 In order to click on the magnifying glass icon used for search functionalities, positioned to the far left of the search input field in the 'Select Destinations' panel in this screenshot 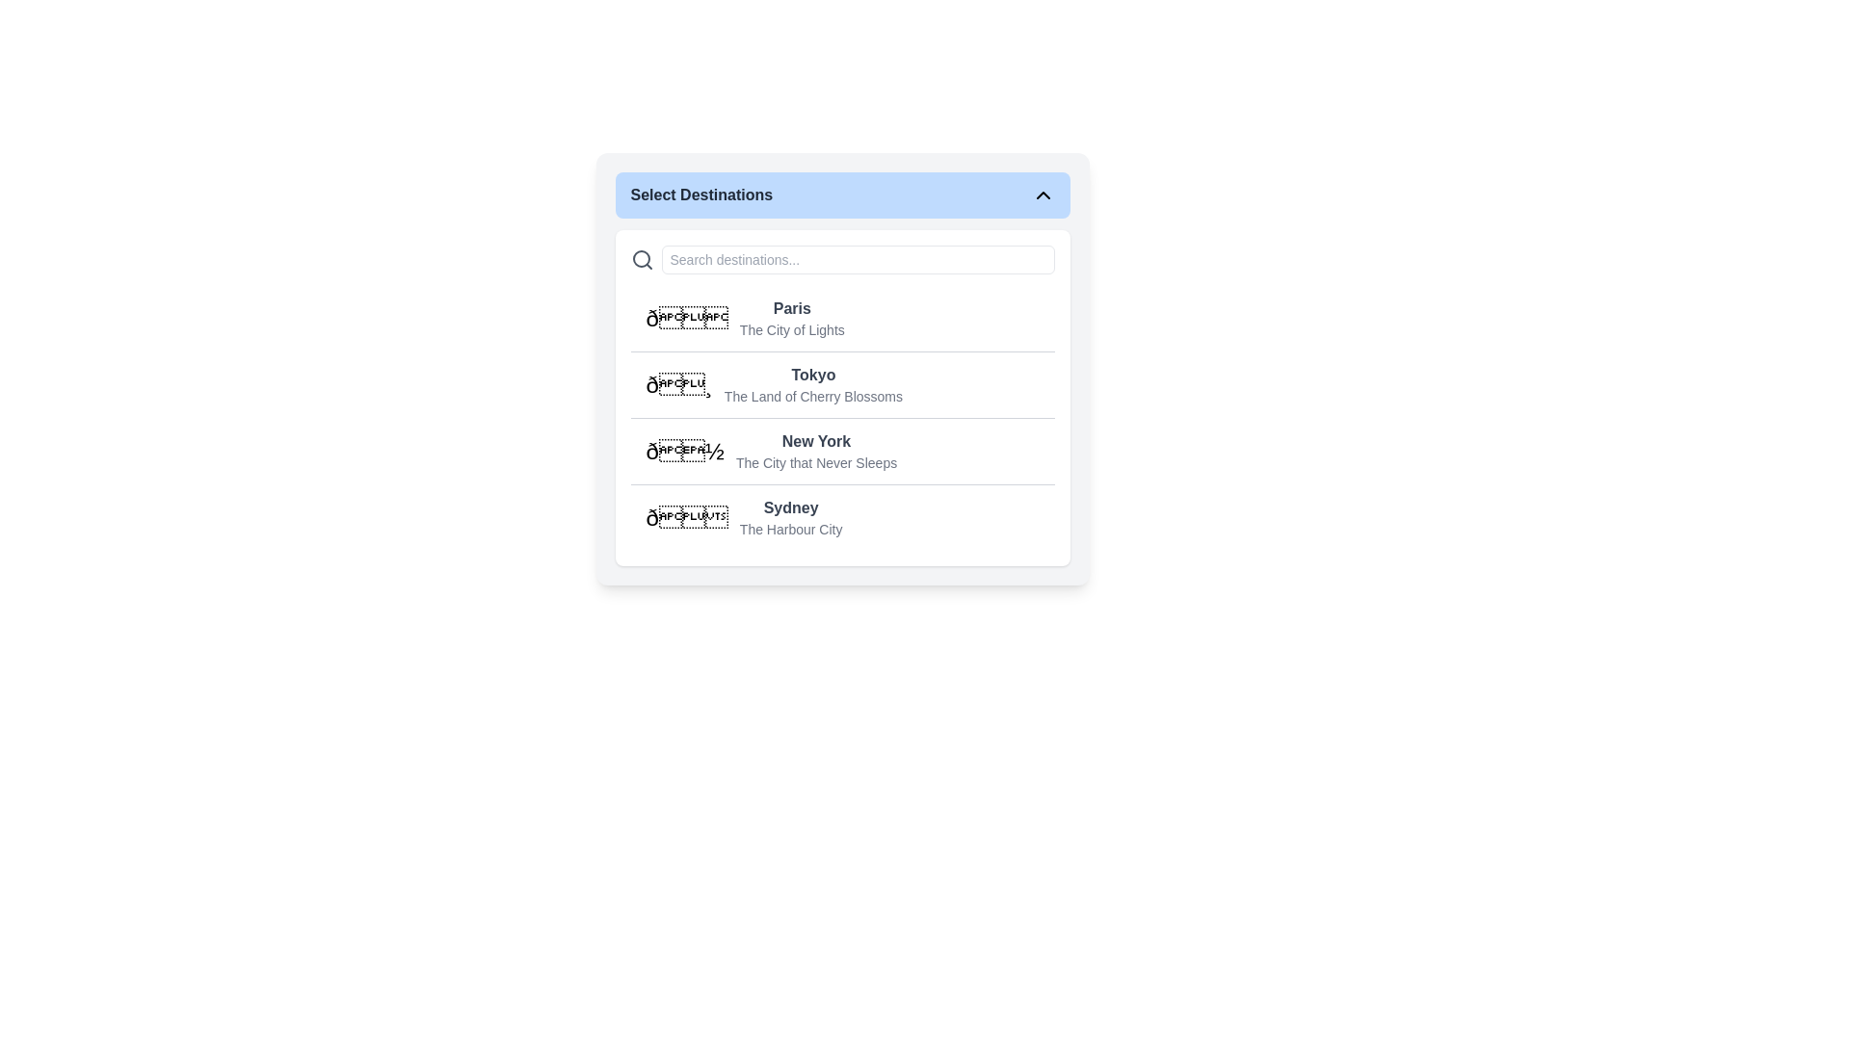, I will do `click(642, 260)`.